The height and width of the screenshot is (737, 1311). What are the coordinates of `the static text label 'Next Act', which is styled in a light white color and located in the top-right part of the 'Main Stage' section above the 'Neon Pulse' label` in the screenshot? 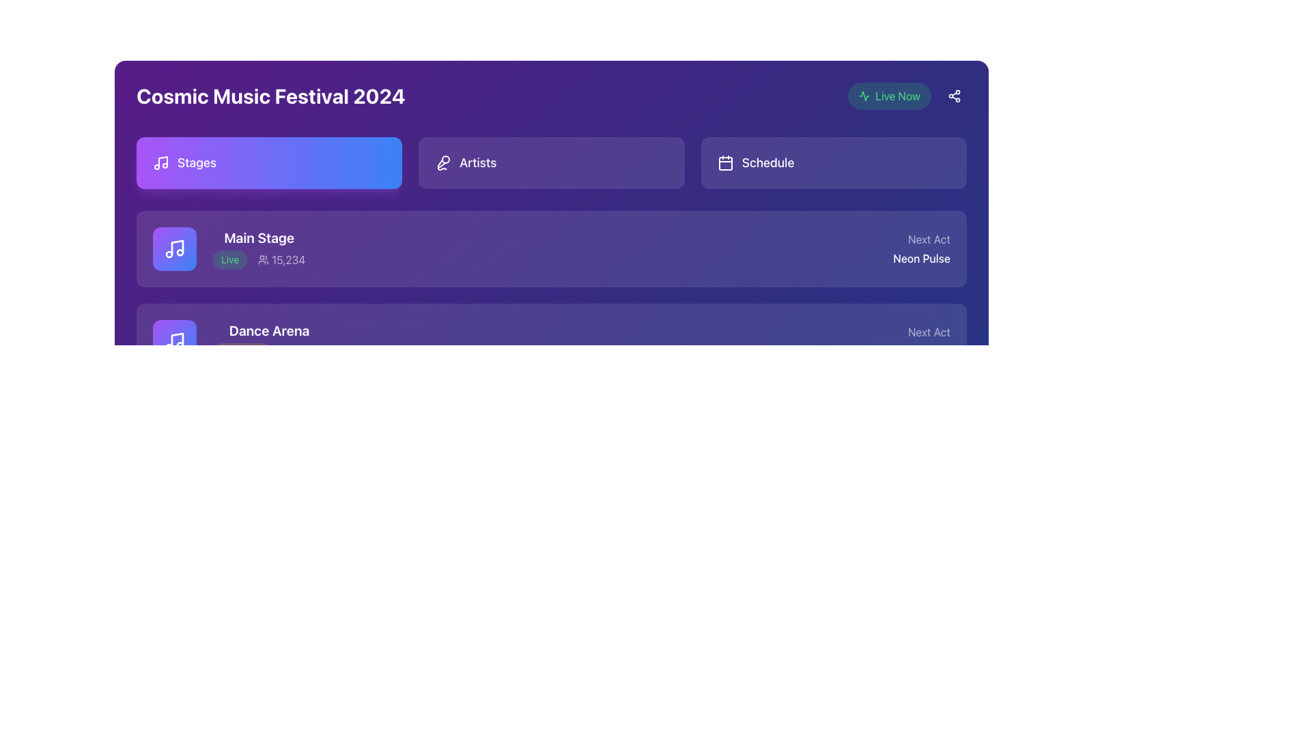 It's located at (922, 239).